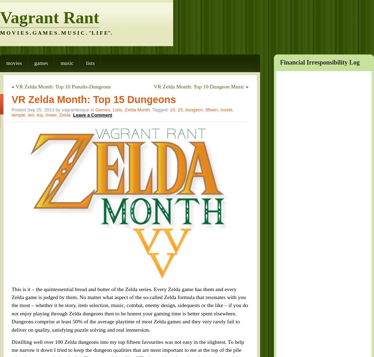 This screenshot has width=374, height=357. What do you see at coordinates (77, 95) in the screenshot?
I see `'Leave a Comment'` at bounding box center [77, 95].